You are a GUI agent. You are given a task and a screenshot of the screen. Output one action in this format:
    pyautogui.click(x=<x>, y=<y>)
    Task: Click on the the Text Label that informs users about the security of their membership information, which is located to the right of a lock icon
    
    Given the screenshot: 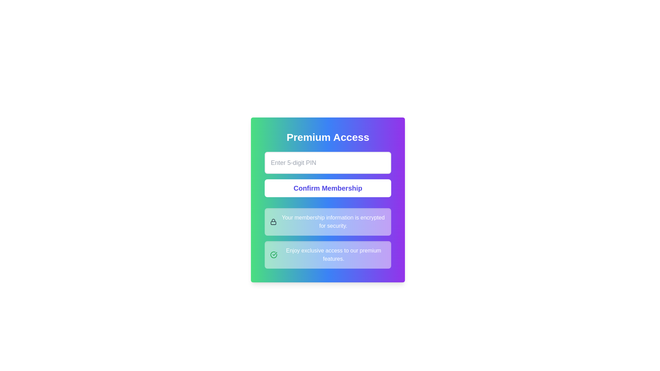 What is the action you would take?
    pyautogui.click(x=333, y=222)
    